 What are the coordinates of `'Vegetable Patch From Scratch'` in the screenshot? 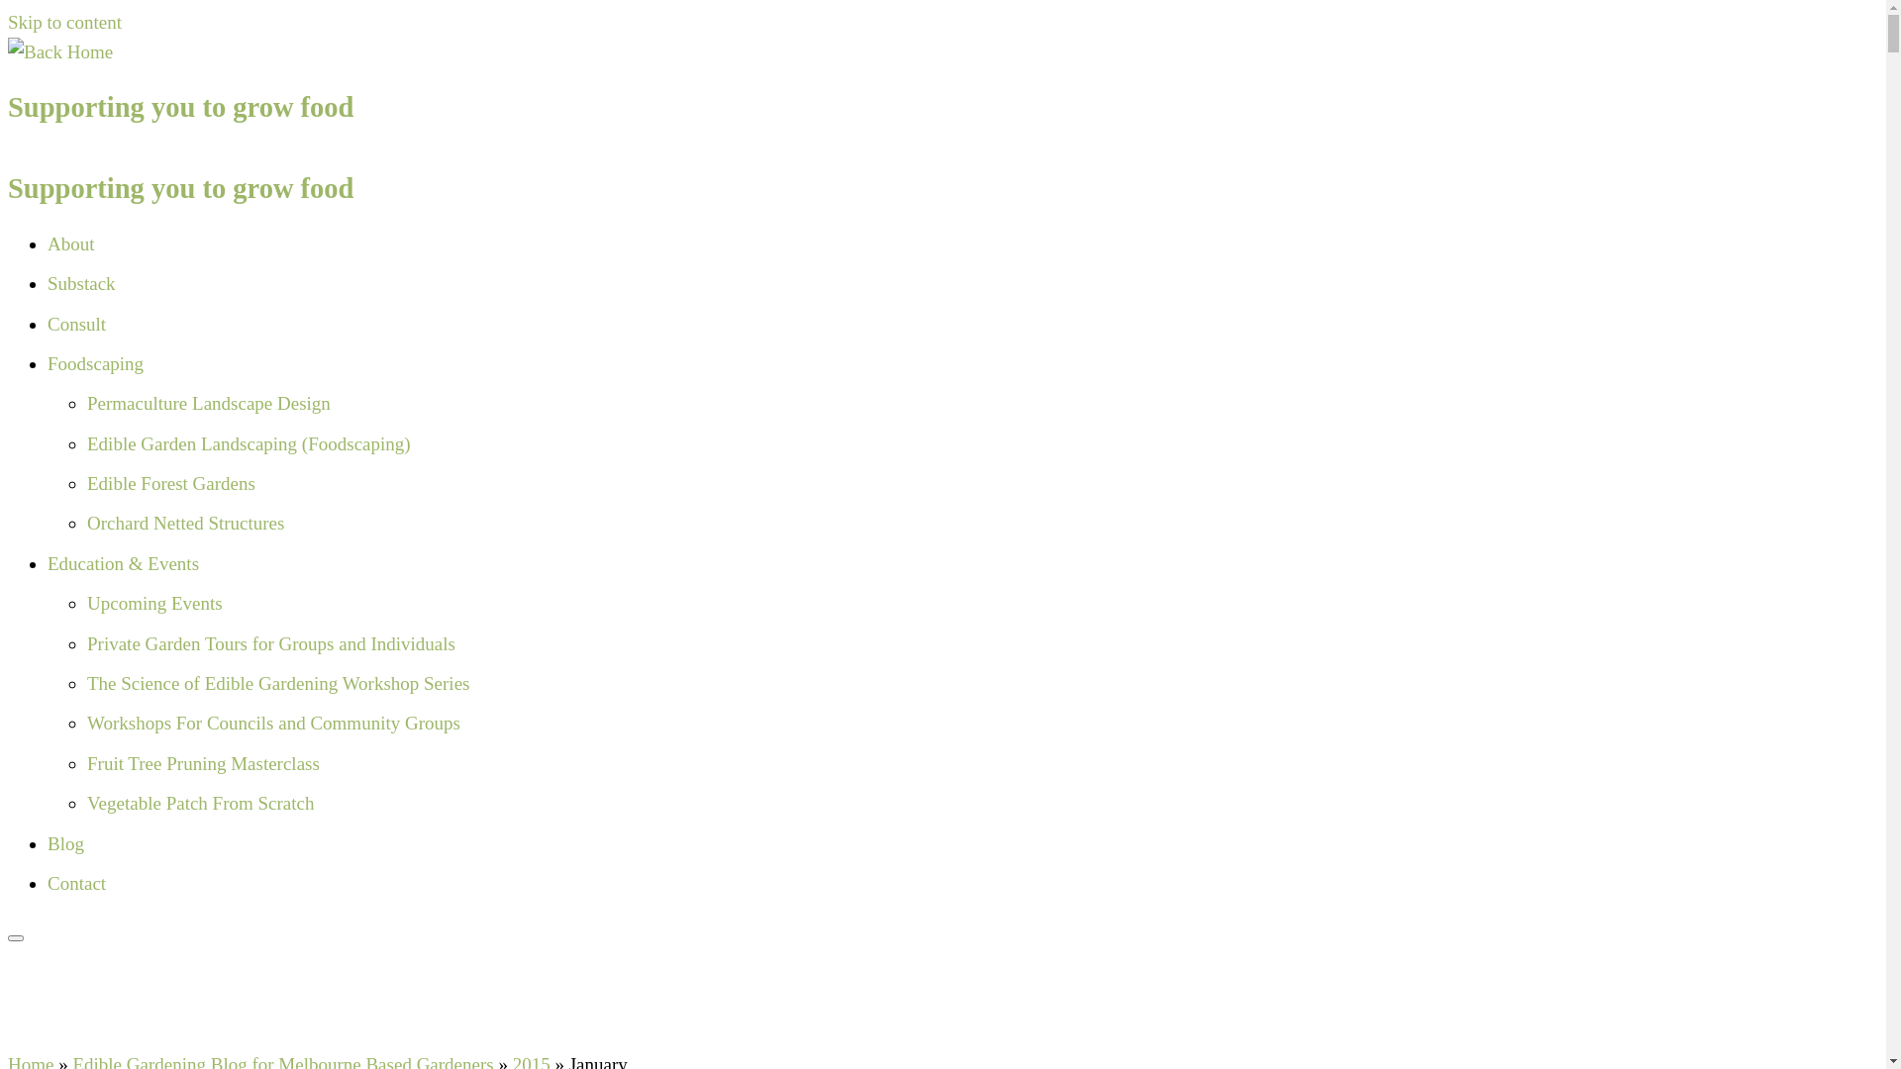 It's located at (200, 803).